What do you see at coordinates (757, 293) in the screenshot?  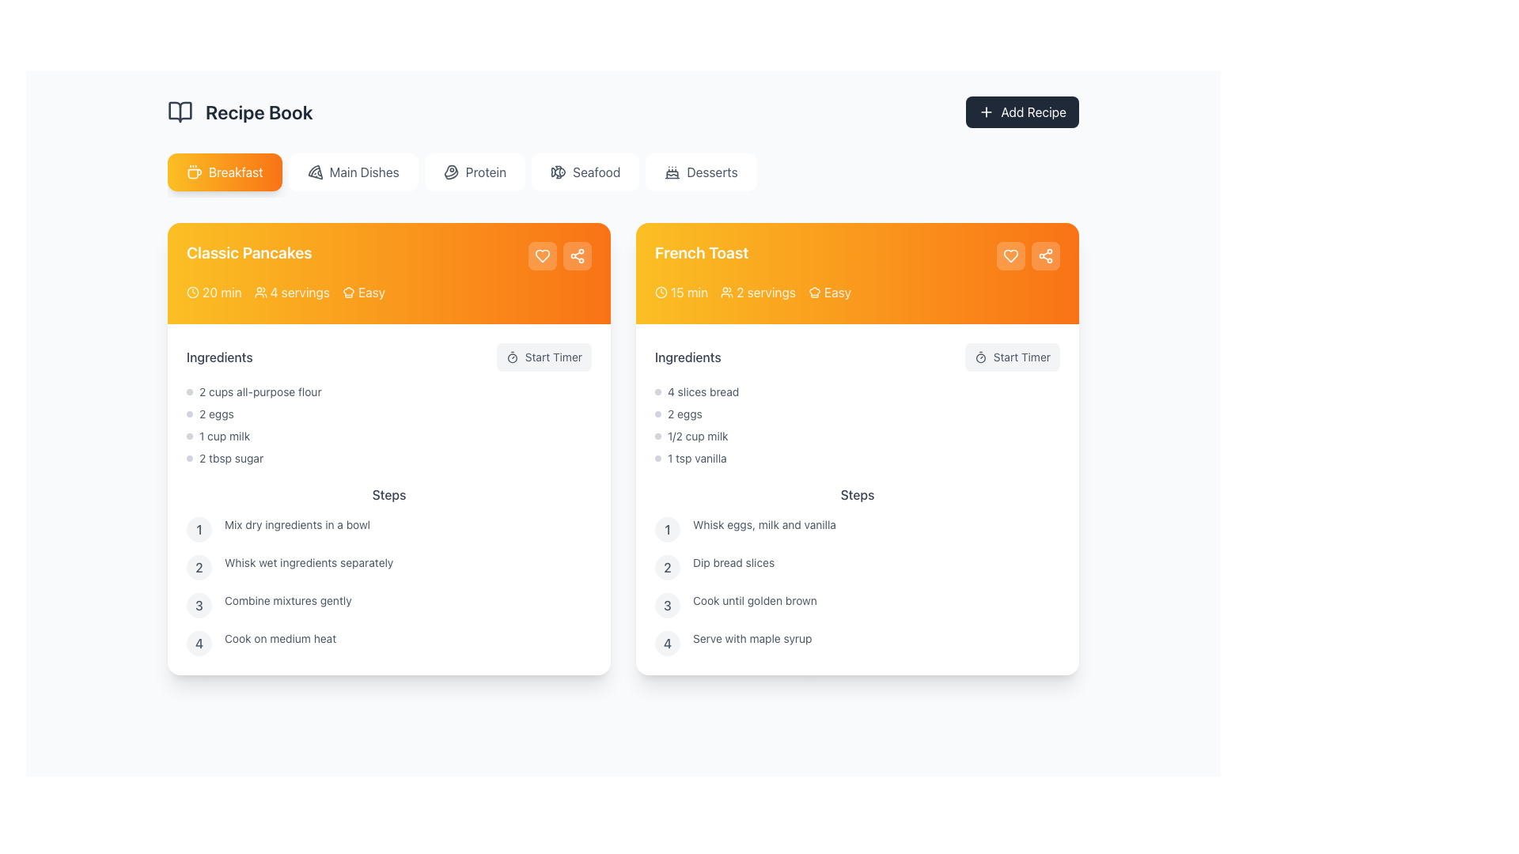 I see `'2 servings' text element, which is accompanied by an icon resembling a group of people, located in the header of the 'French Toast' recipe card` at bounding box center [757, 293].